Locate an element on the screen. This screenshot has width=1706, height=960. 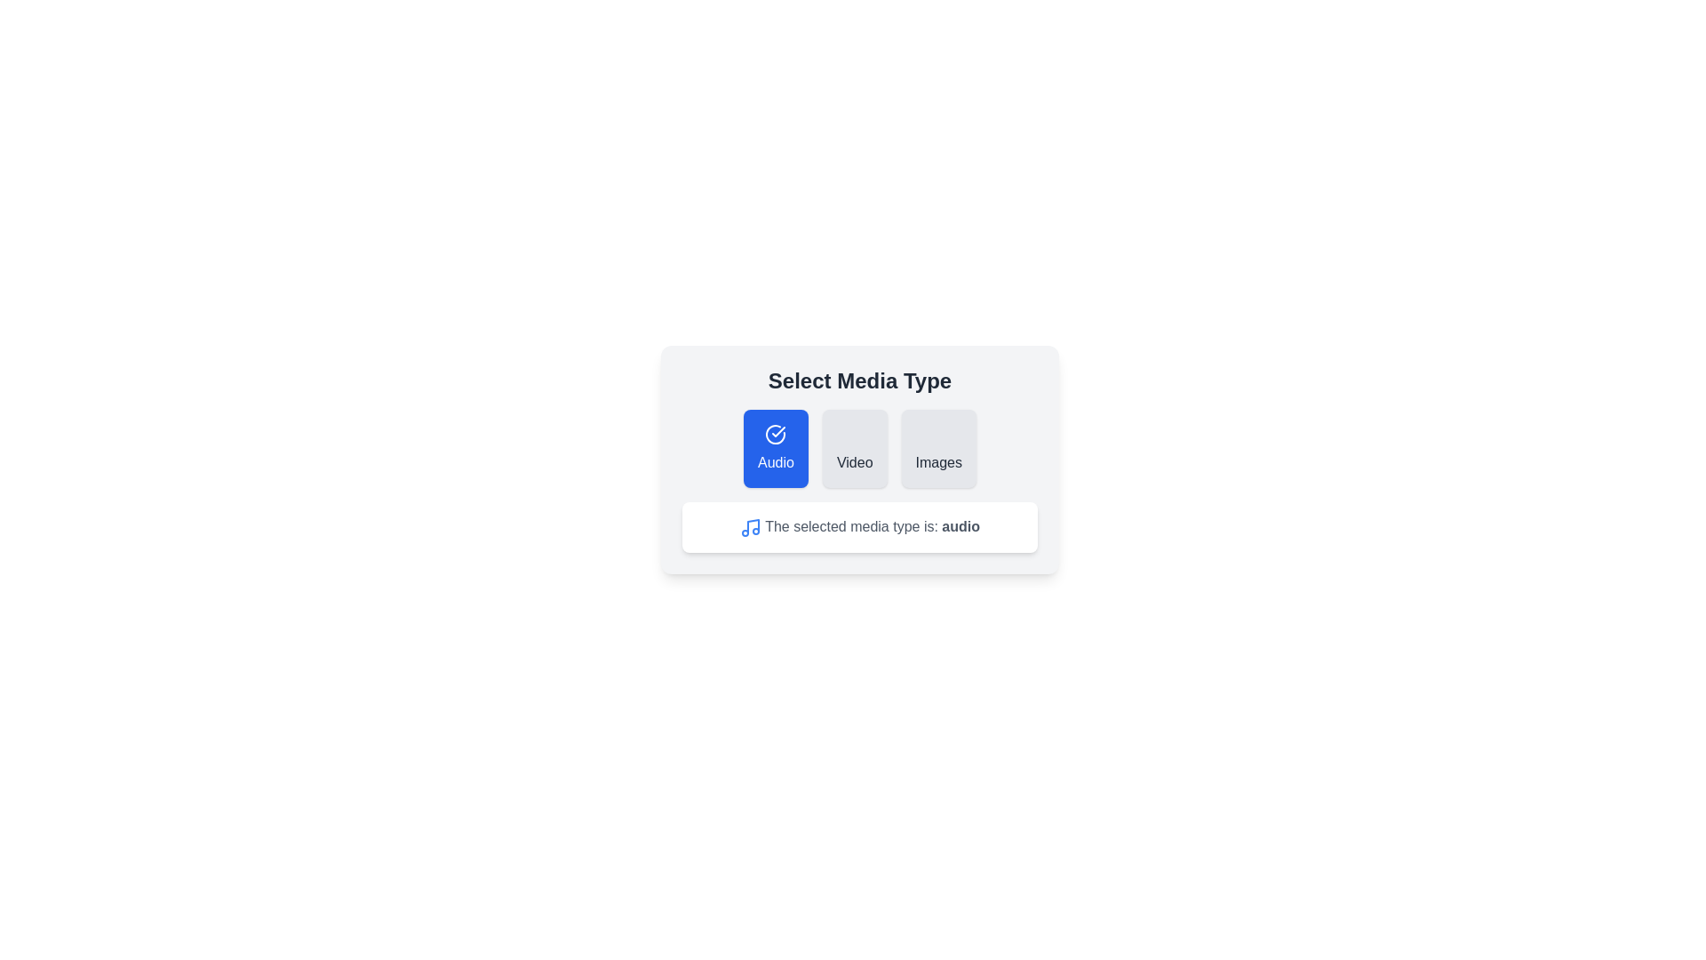
the static text displaying the currently selected media type 'audio' to possibly see a tooltip is located at coordinates (860, 526).